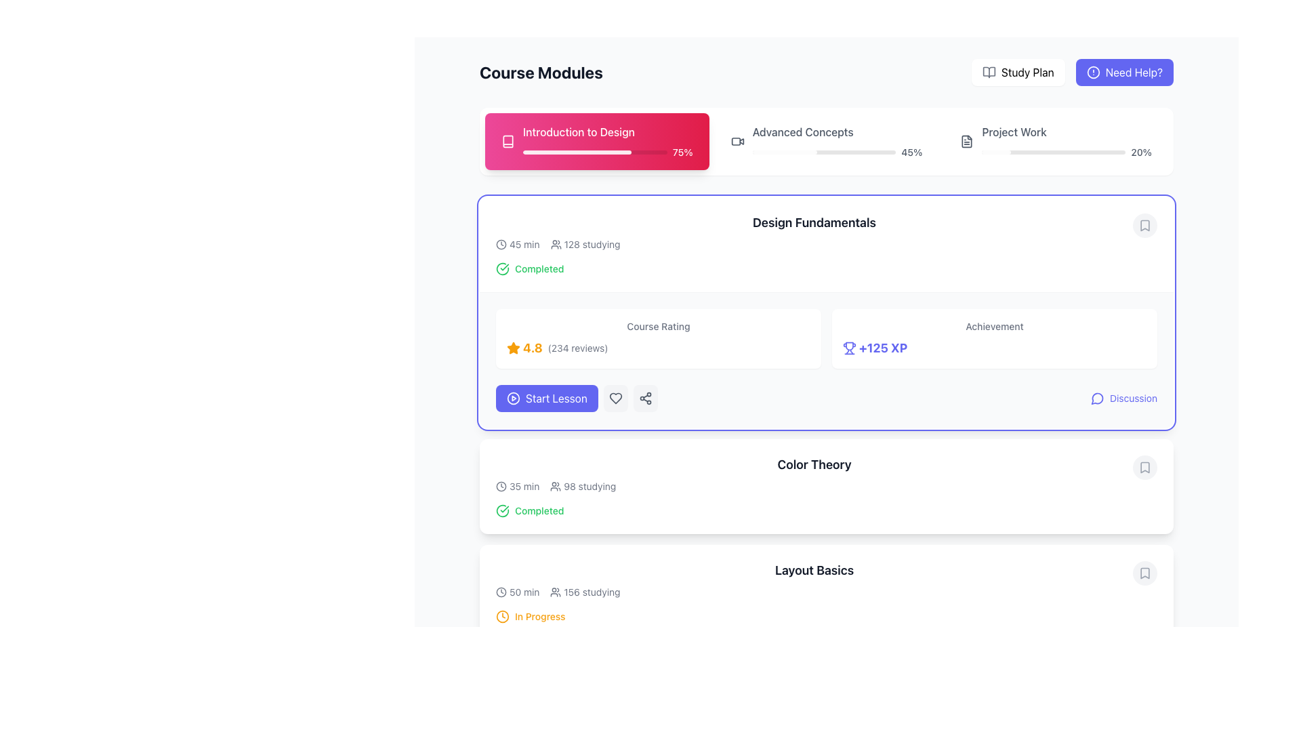  What do you see at coordinates (644, 397) in the screenshot?
I see `the share icon button, which is represented by three connected dots forming a triangular structure, located within the 'Design Fundamentals' module card` at bounding box center [644, 397].